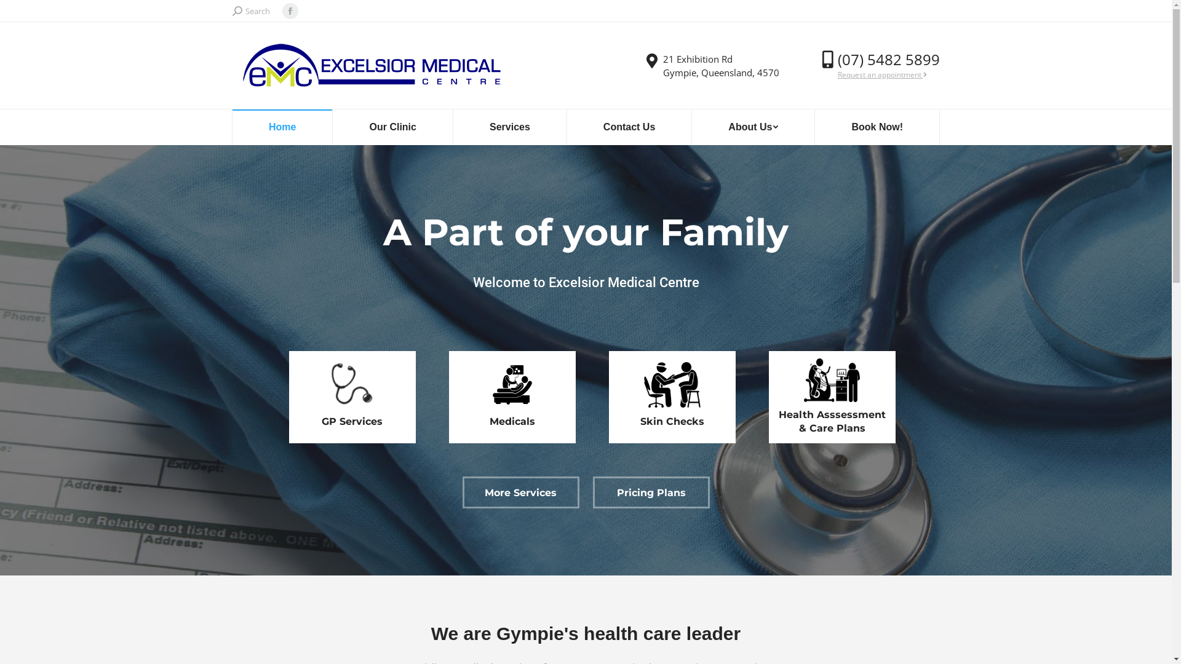  I want to click on 'Search', so click(233, 10).